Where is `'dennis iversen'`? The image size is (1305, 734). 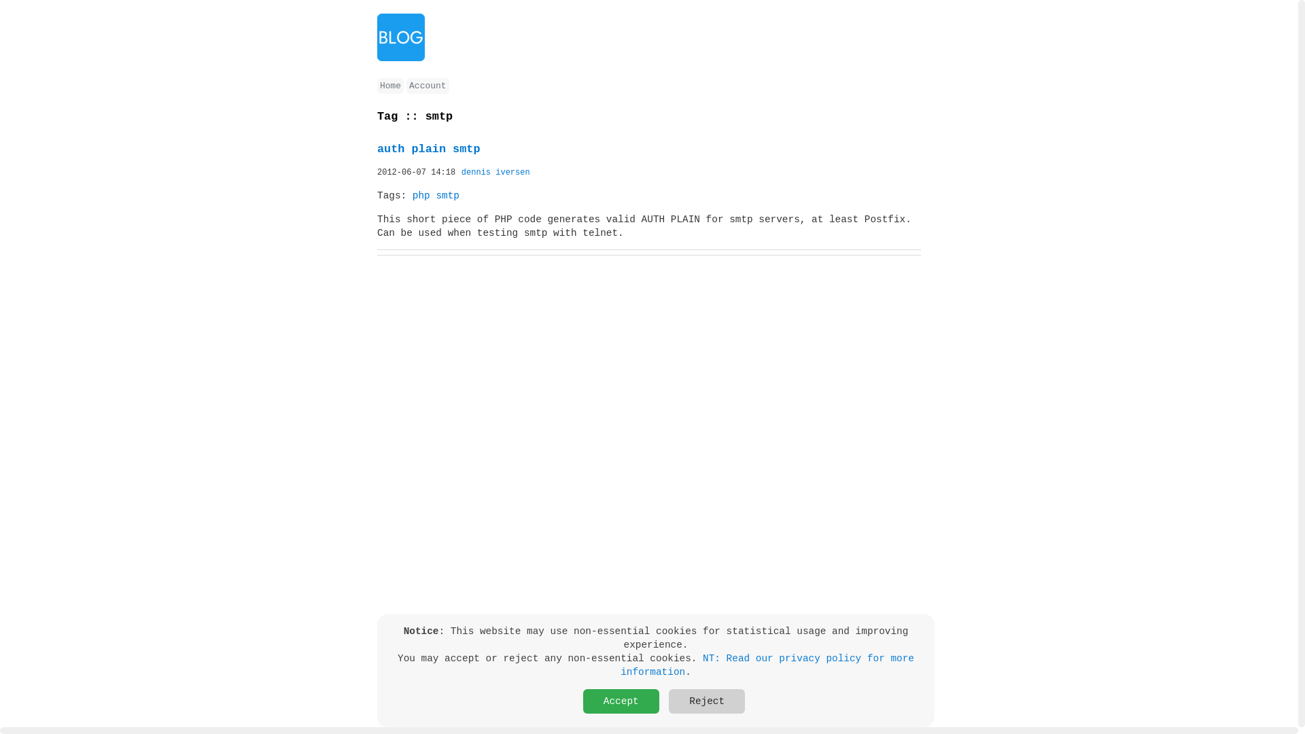
'dennis iversen' is located at coordinates (495, 172).